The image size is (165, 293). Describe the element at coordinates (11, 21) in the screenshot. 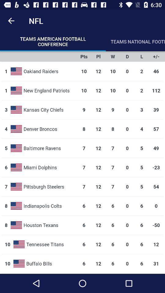

I see `the icon next to the nfl icon` at that location.